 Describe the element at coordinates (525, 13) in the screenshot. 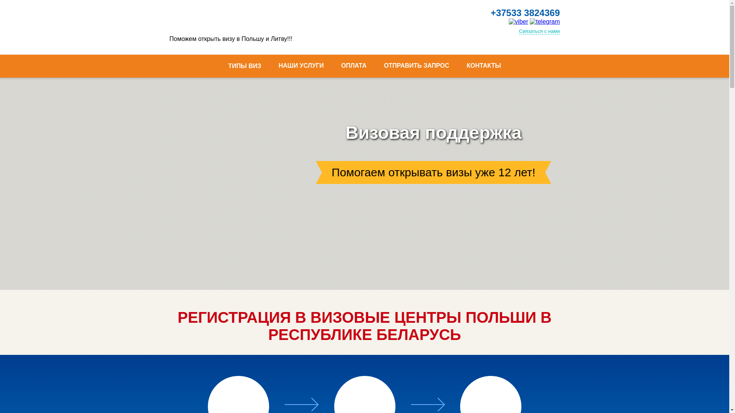

I see `'+37533 3824369'` at that location.